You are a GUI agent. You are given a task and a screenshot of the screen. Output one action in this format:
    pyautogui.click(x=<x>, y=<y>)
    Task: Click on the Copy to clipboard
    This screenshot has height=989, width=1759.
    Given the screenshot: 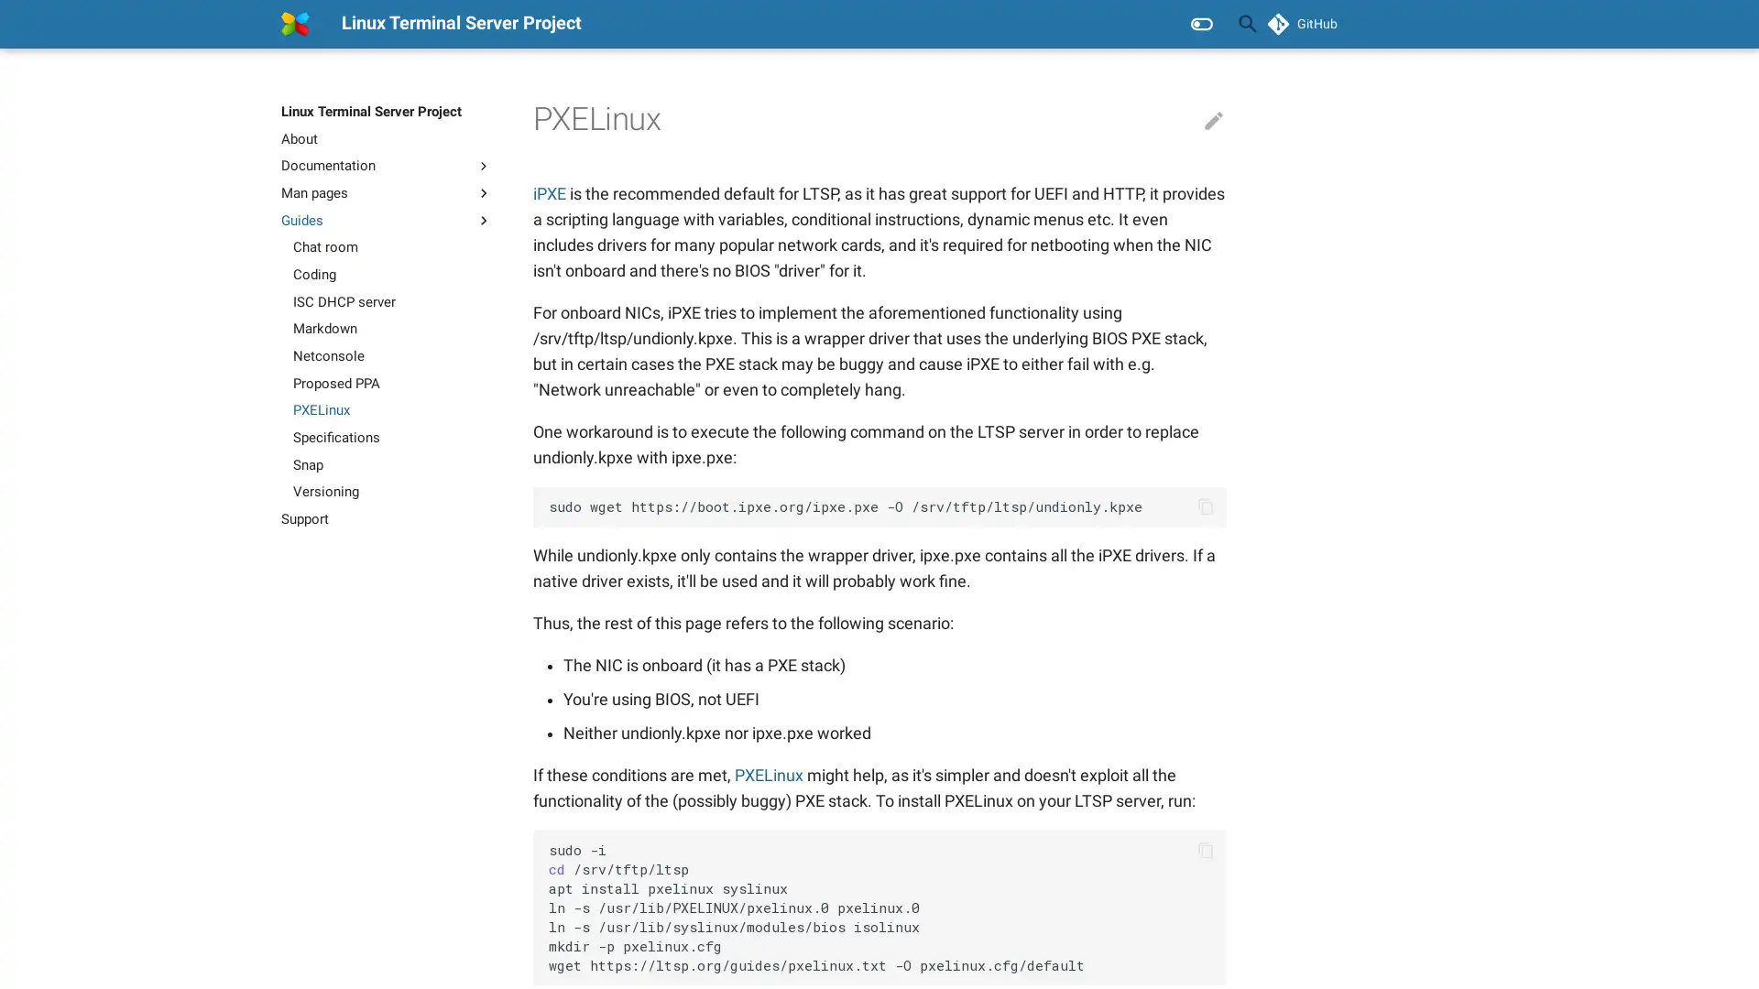 What is the action you would take?
    pyautogui.click(x=1205, y=850)
    